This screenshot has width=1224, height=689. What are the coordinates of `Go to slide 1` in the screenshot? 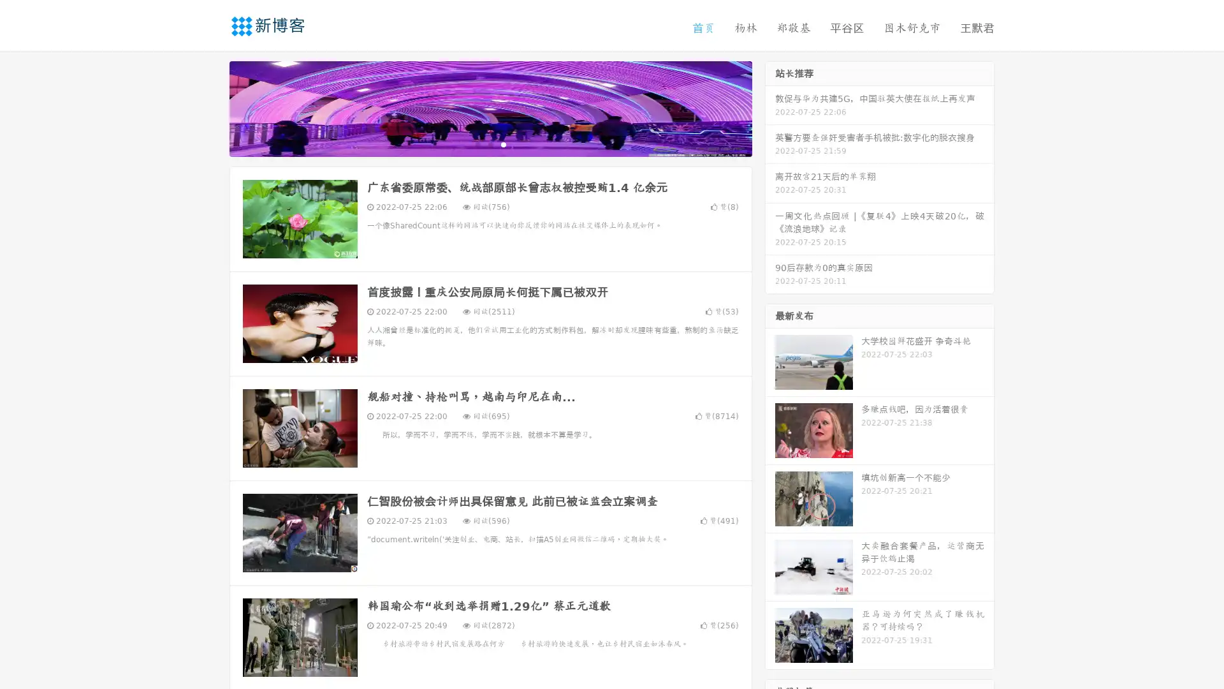 It's located at (477, 144).